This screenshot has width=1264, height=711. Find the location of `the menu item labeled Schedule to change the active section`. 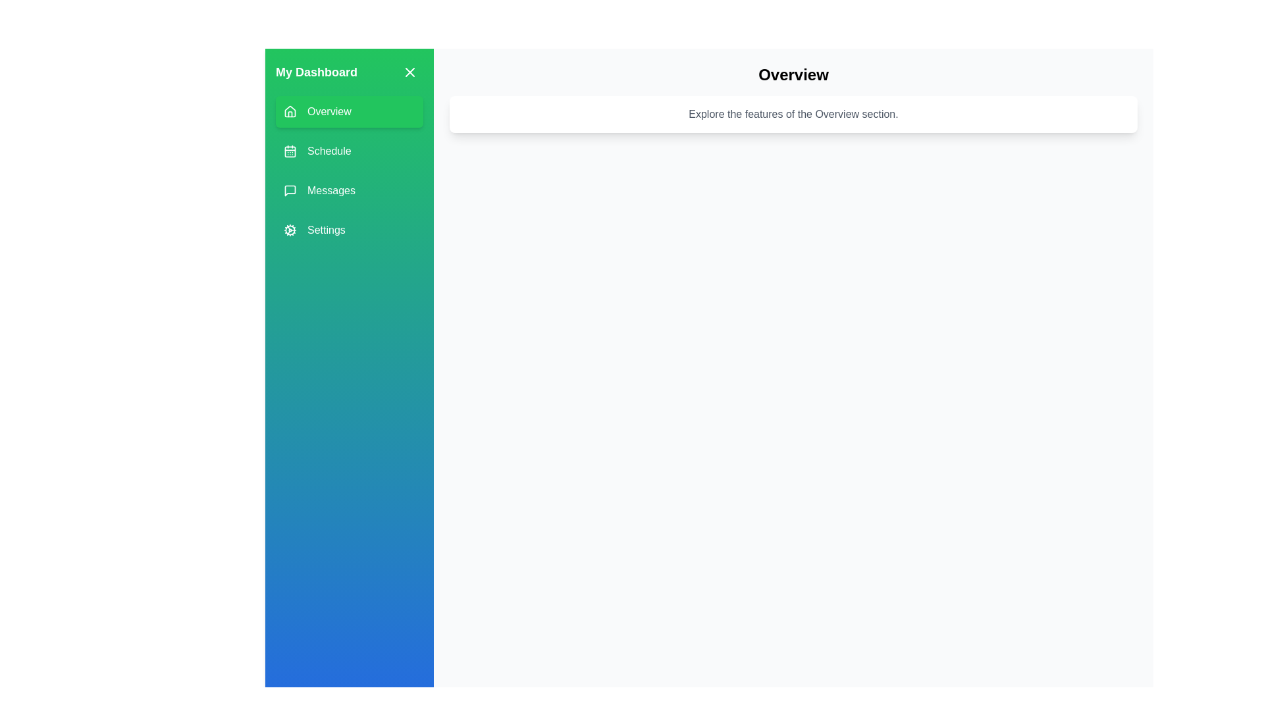

the menu item labeled Schedule to change the active section is located at coordinates (350, 151).